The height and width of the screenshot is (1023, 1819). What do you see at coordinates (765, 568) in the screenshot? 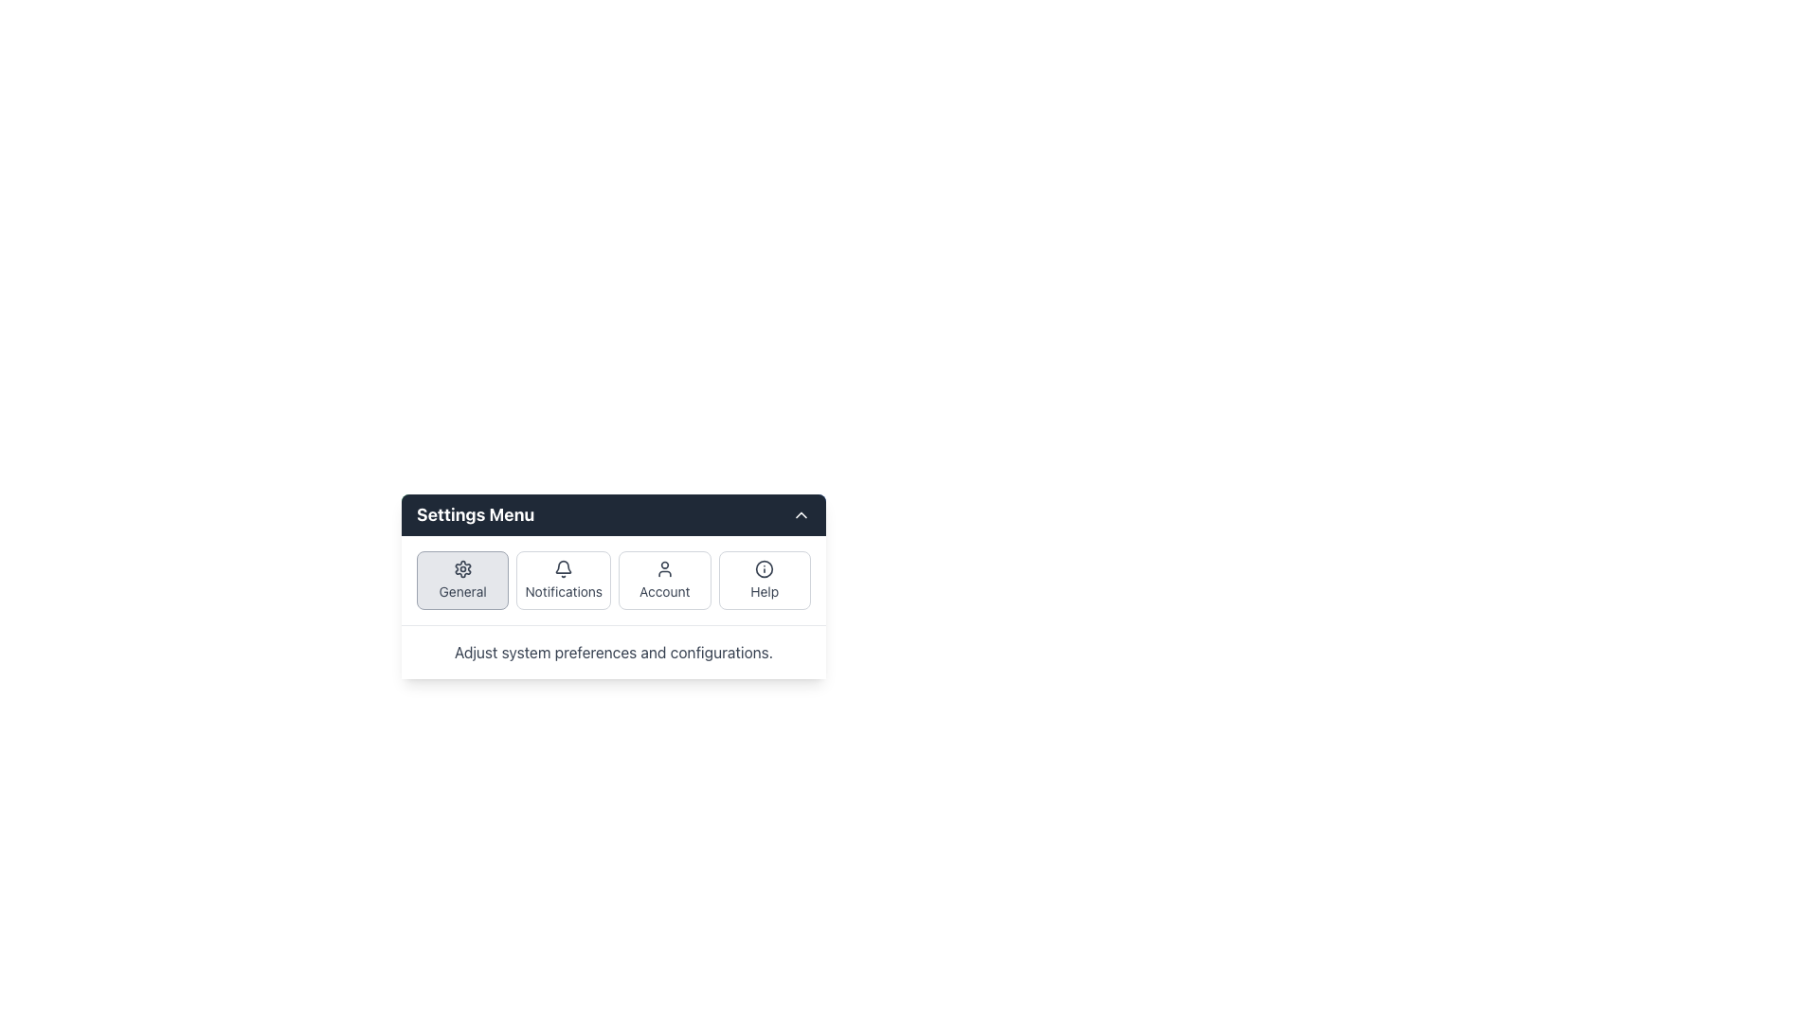
I see `the information icon located in the 'Help' section of the settings menu` at bounding box center [765, 568].